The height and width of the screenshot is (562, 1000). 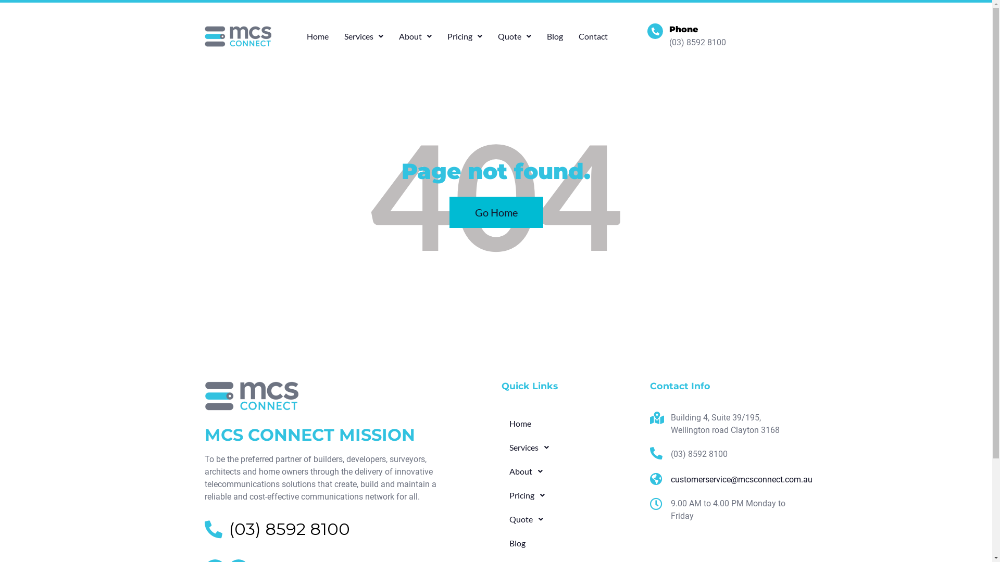 I want to click on 'Go Home', so click(x=495, y=212).